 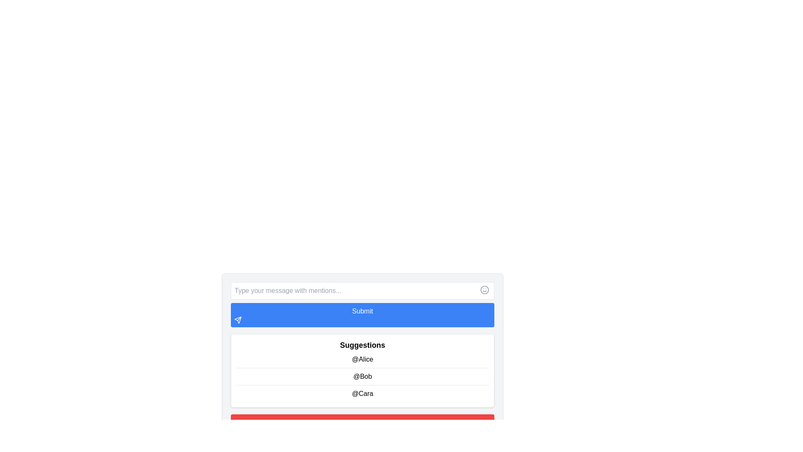 What do you see at coordinates (484, 290) in the screenshot?
I see `the smiley face icon located on the far right side of the text input box labeled 'Type your message with mentions...'` at bounding box center [484, 290].